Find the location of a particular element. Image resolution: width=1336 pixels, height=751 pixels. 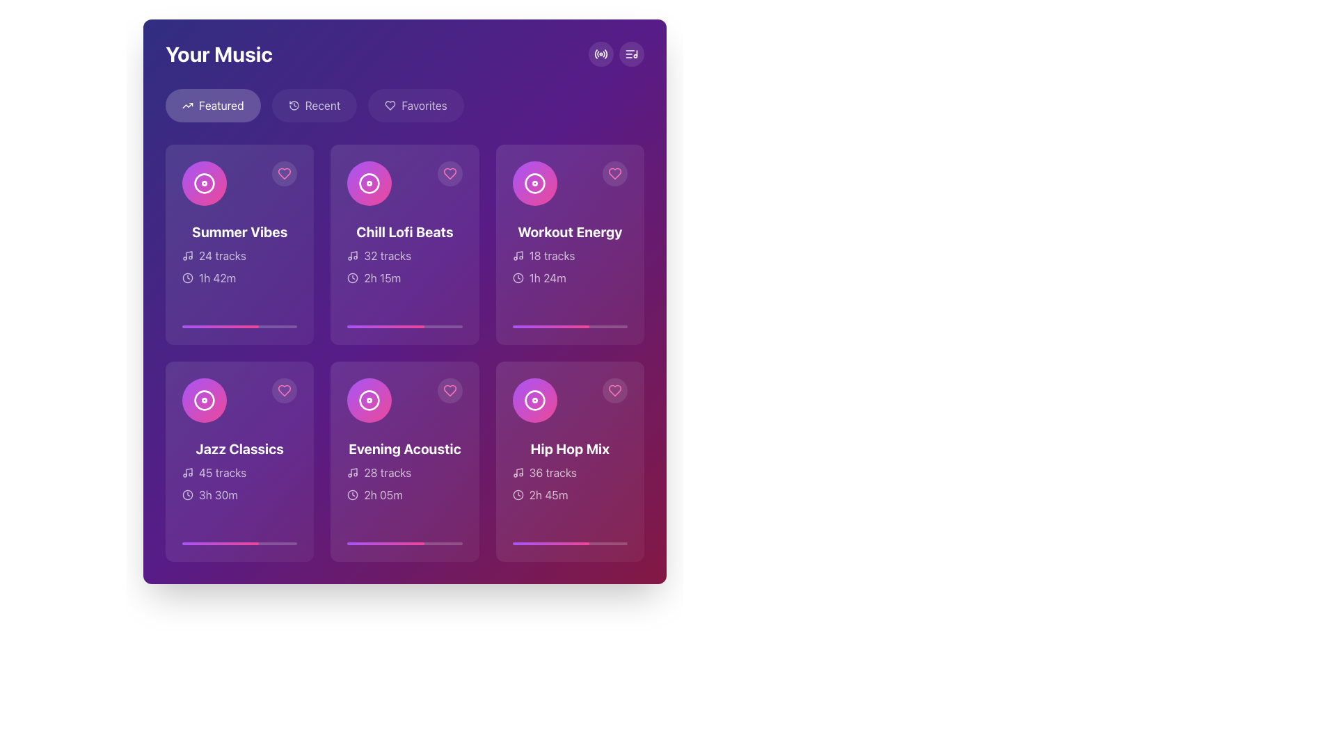

the music note-style icon located to the left of the '36 tracks' text in the 'Hip Hop Mix' card is located at coordinates (517, 471).